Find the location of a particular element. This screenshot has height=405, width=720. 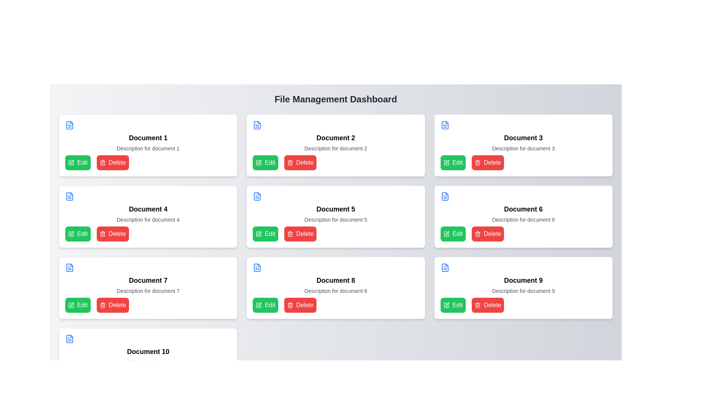

the text label displaying 'Description for document 9' located below the title 'Document 9' in the ninth card of the grid layout is located at coordinates (523, 290).